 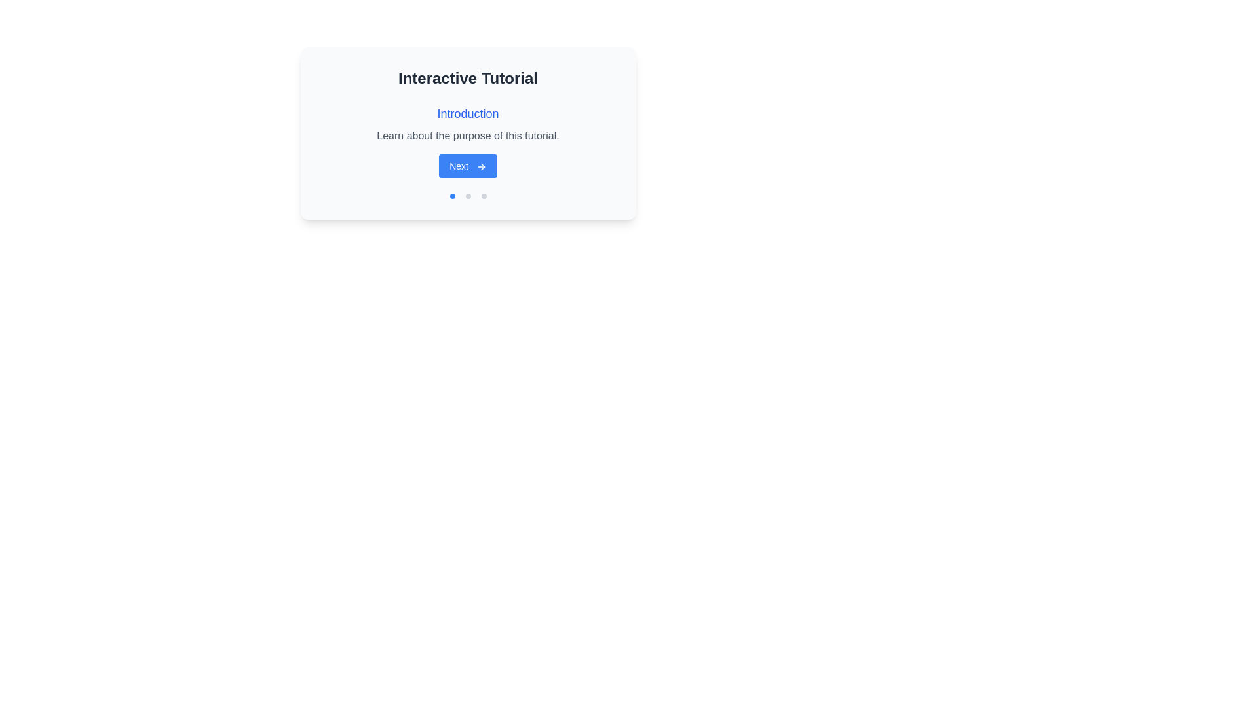 I want to click on the right-oriented arrow icon located inside the blue 'Next' button, adjacent to the text 'Next', so click(x=480, y=166).